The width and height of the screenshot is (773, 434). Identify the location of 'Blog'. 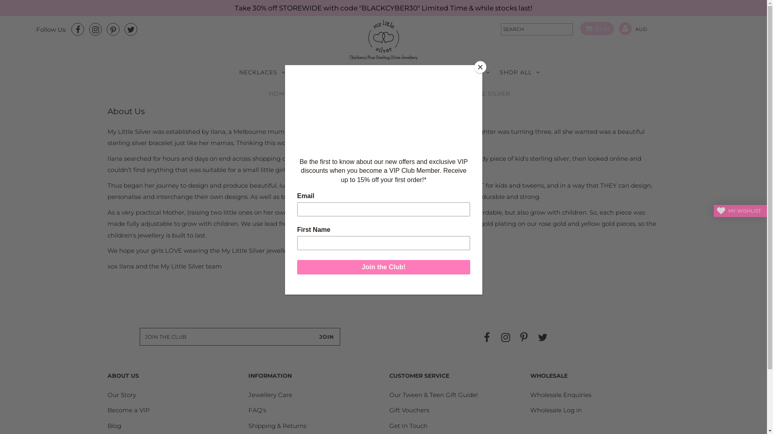
(114, 425).